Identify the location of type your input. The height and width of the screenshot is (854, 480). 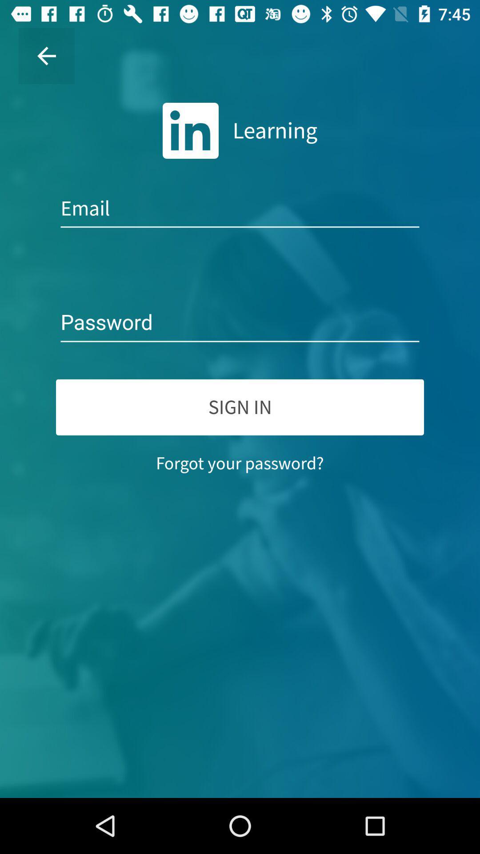
(240, 322).